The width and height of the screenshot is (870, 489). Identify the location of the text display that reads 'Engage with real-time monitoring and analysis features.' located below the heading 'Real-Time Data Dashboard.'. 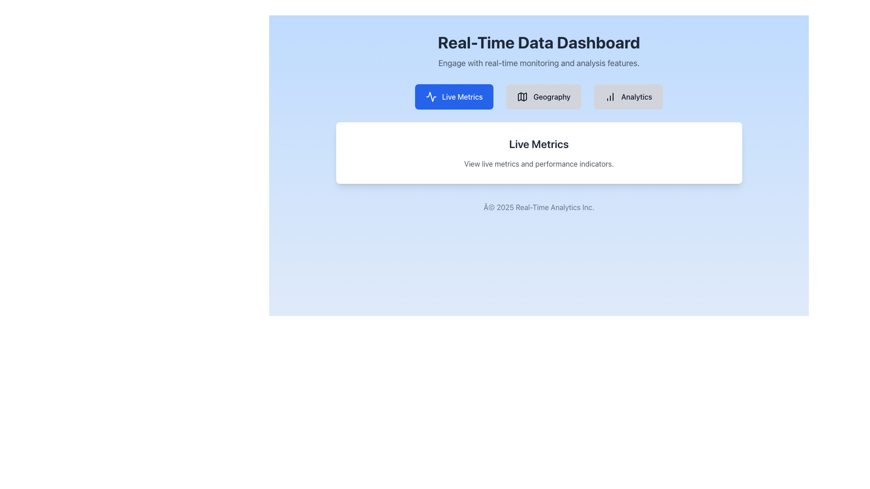
(539, 62).